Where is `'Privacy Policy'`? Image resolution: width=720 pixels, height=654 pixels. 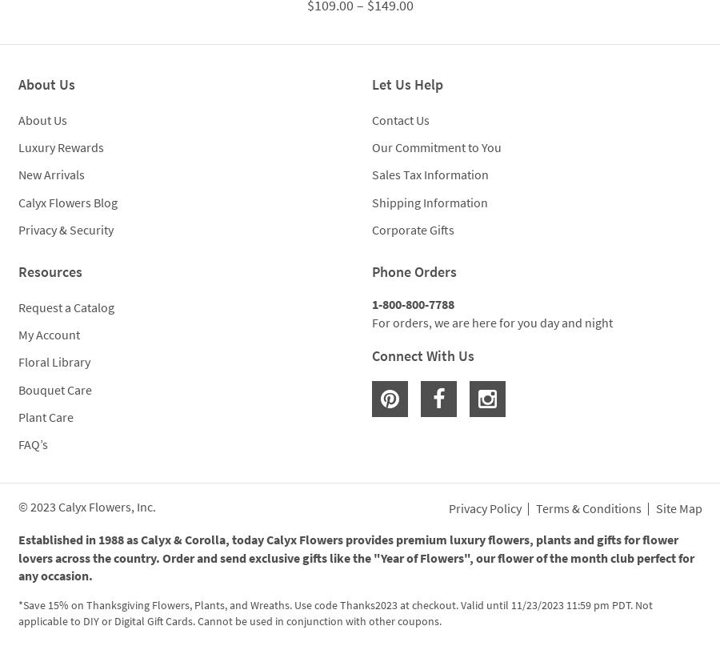 'Privacy Policy' is located at coordinates (484, 508).